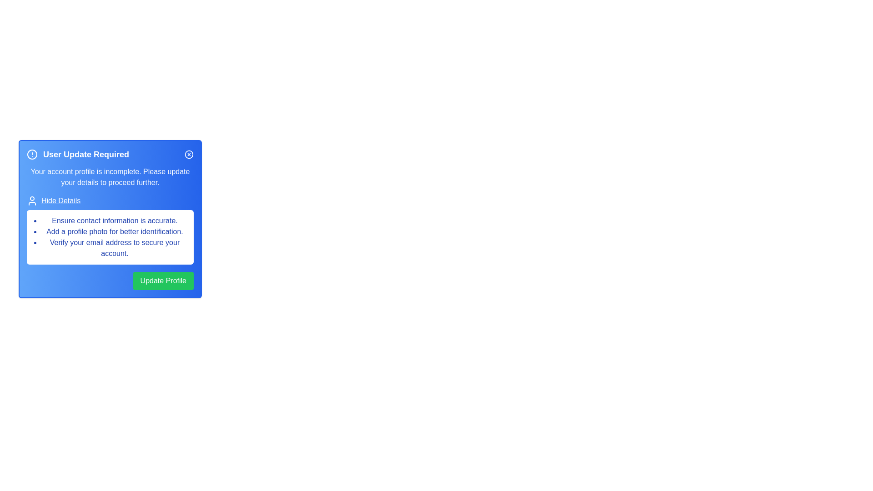  I want to click on the close button to close the alert, so click(189, 154).